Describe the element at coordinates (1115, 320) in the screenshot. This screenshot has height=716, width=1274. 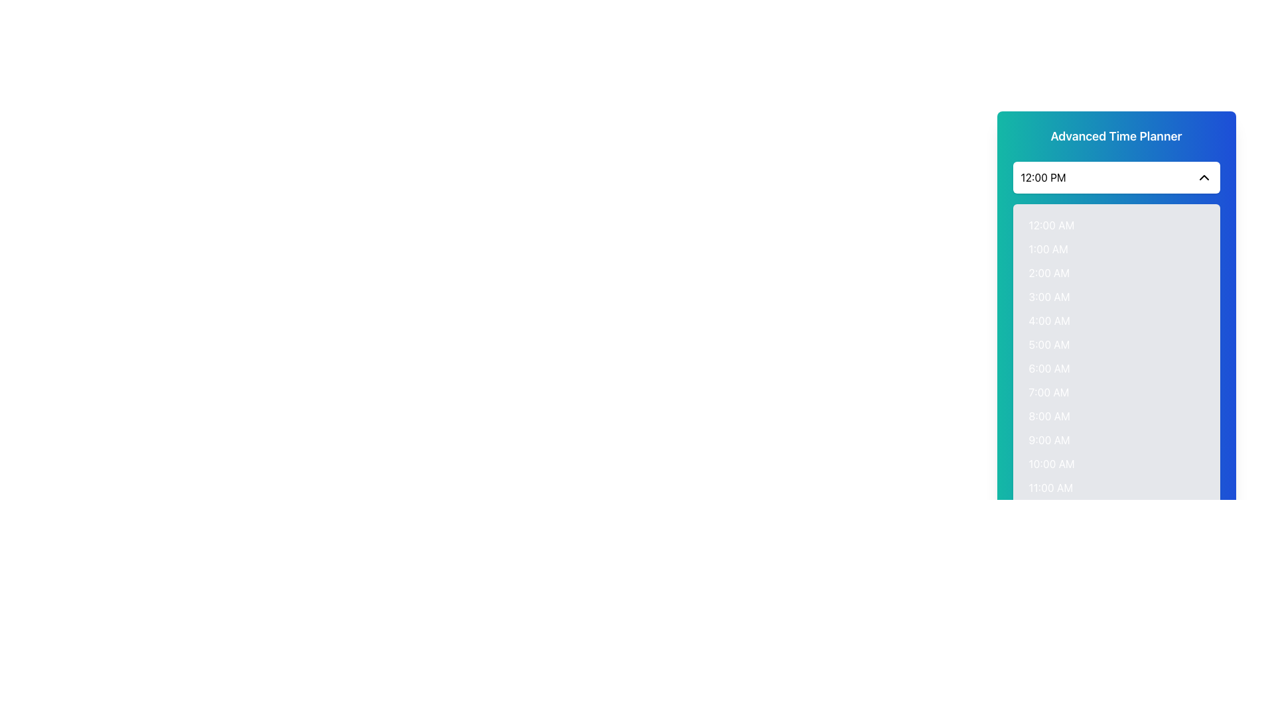
I see `the selectable list item displaying '4:00 AM'` at that location.